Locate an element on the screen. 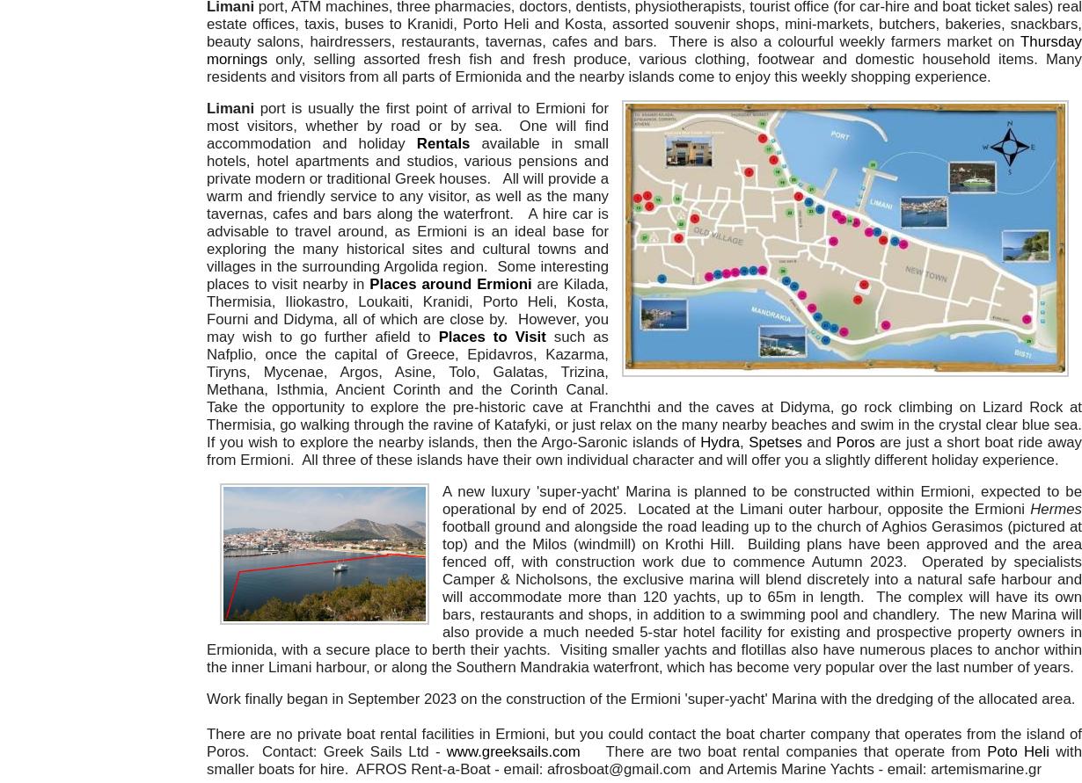 This screenshot has width=1082, height=783. 'There is also a colourful weekly' is located at coordinates (776, 41).